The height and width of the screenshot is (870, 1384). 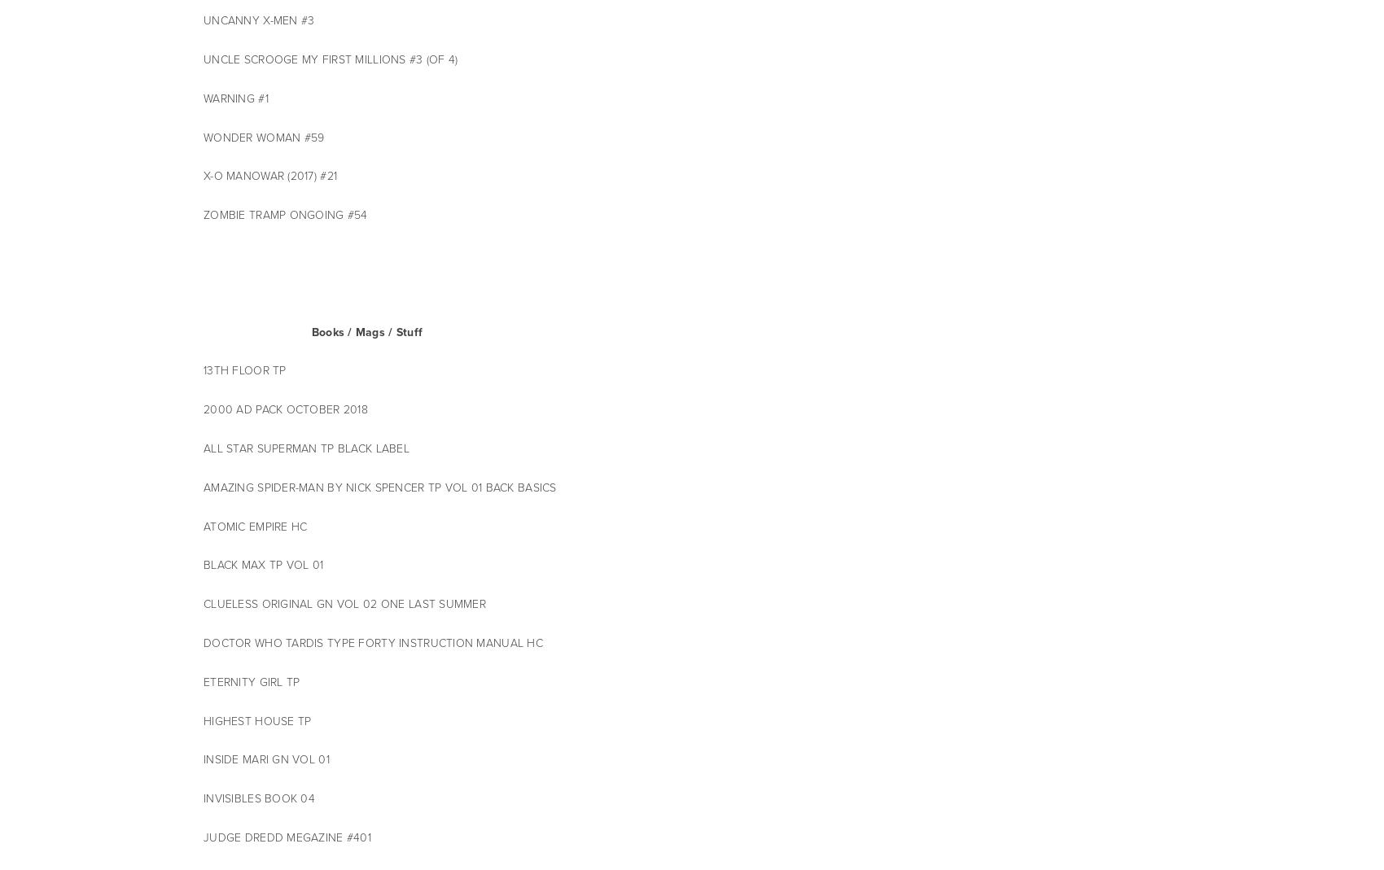 I want to click on 'ZOMBIE TRAMP ONGOING #54', so click(x=284, y=214).